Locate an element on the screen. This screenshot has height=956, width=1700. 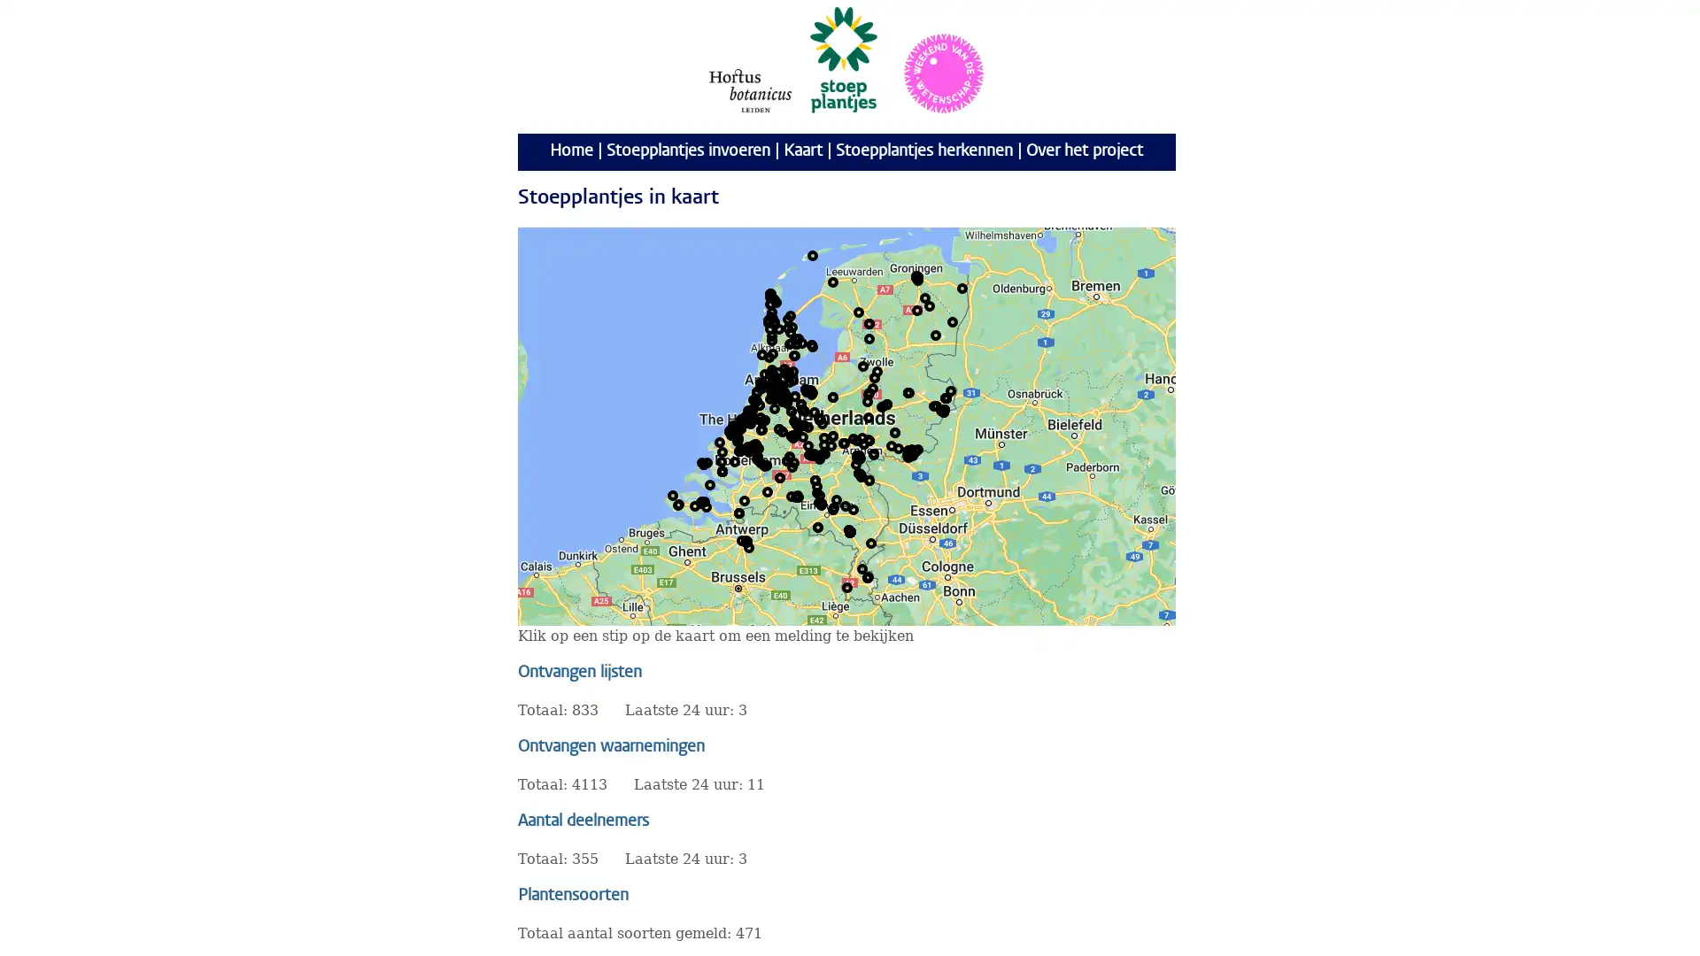
Telling van Jeske op 11 maart 2022 is located at coordinates (747, 419).